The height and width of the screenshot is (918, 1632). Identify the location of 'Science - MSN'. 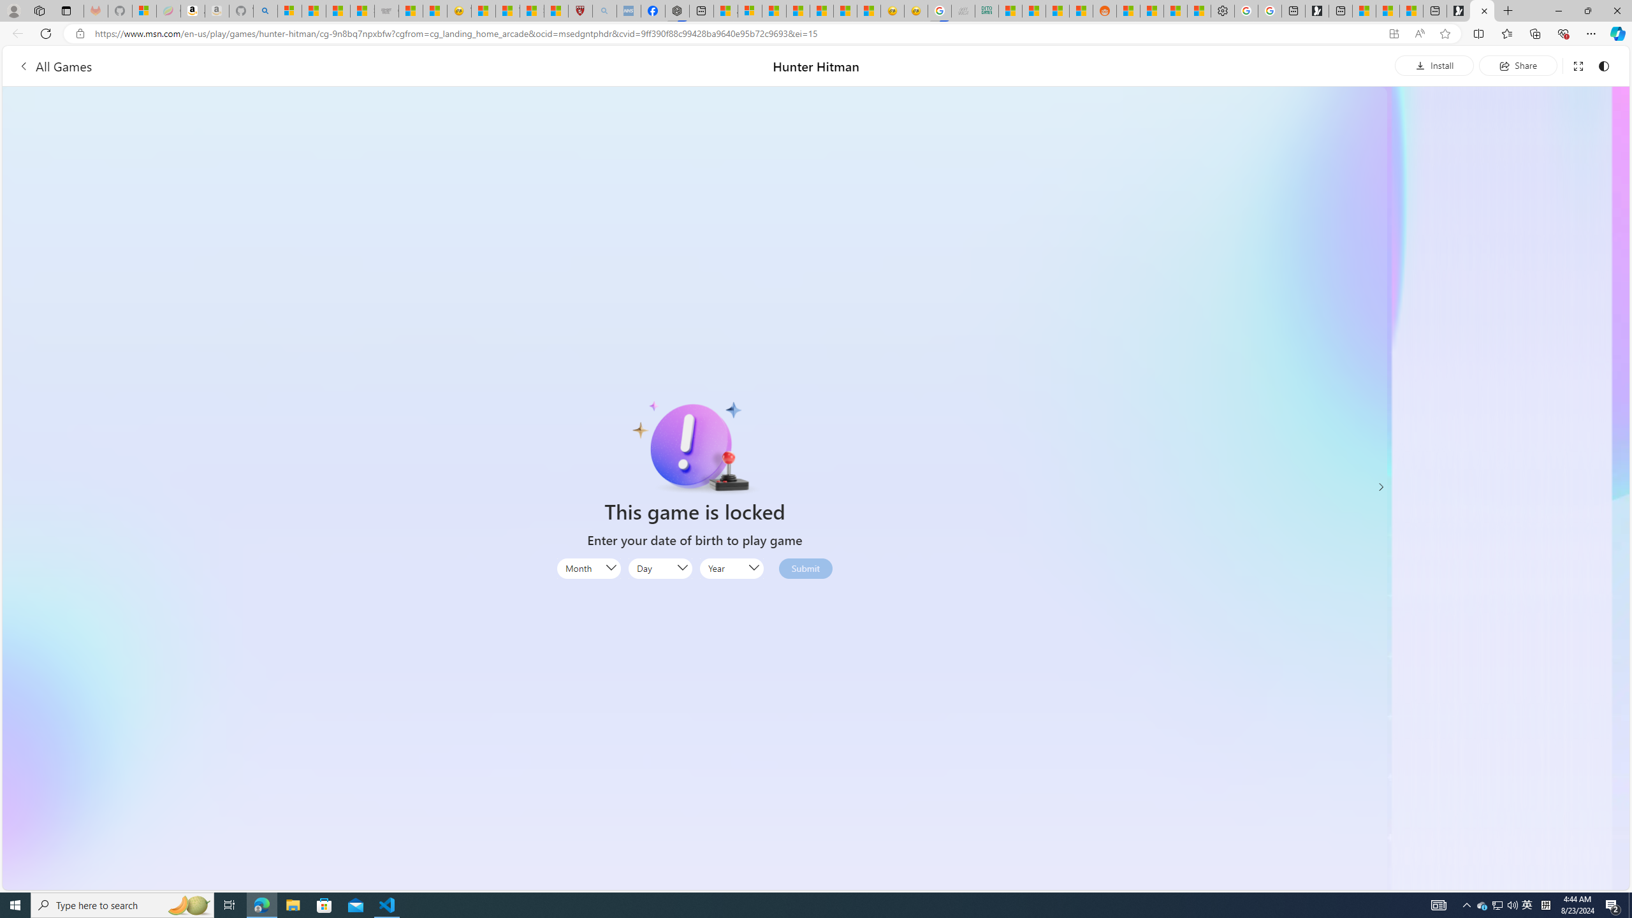
(531, 10).